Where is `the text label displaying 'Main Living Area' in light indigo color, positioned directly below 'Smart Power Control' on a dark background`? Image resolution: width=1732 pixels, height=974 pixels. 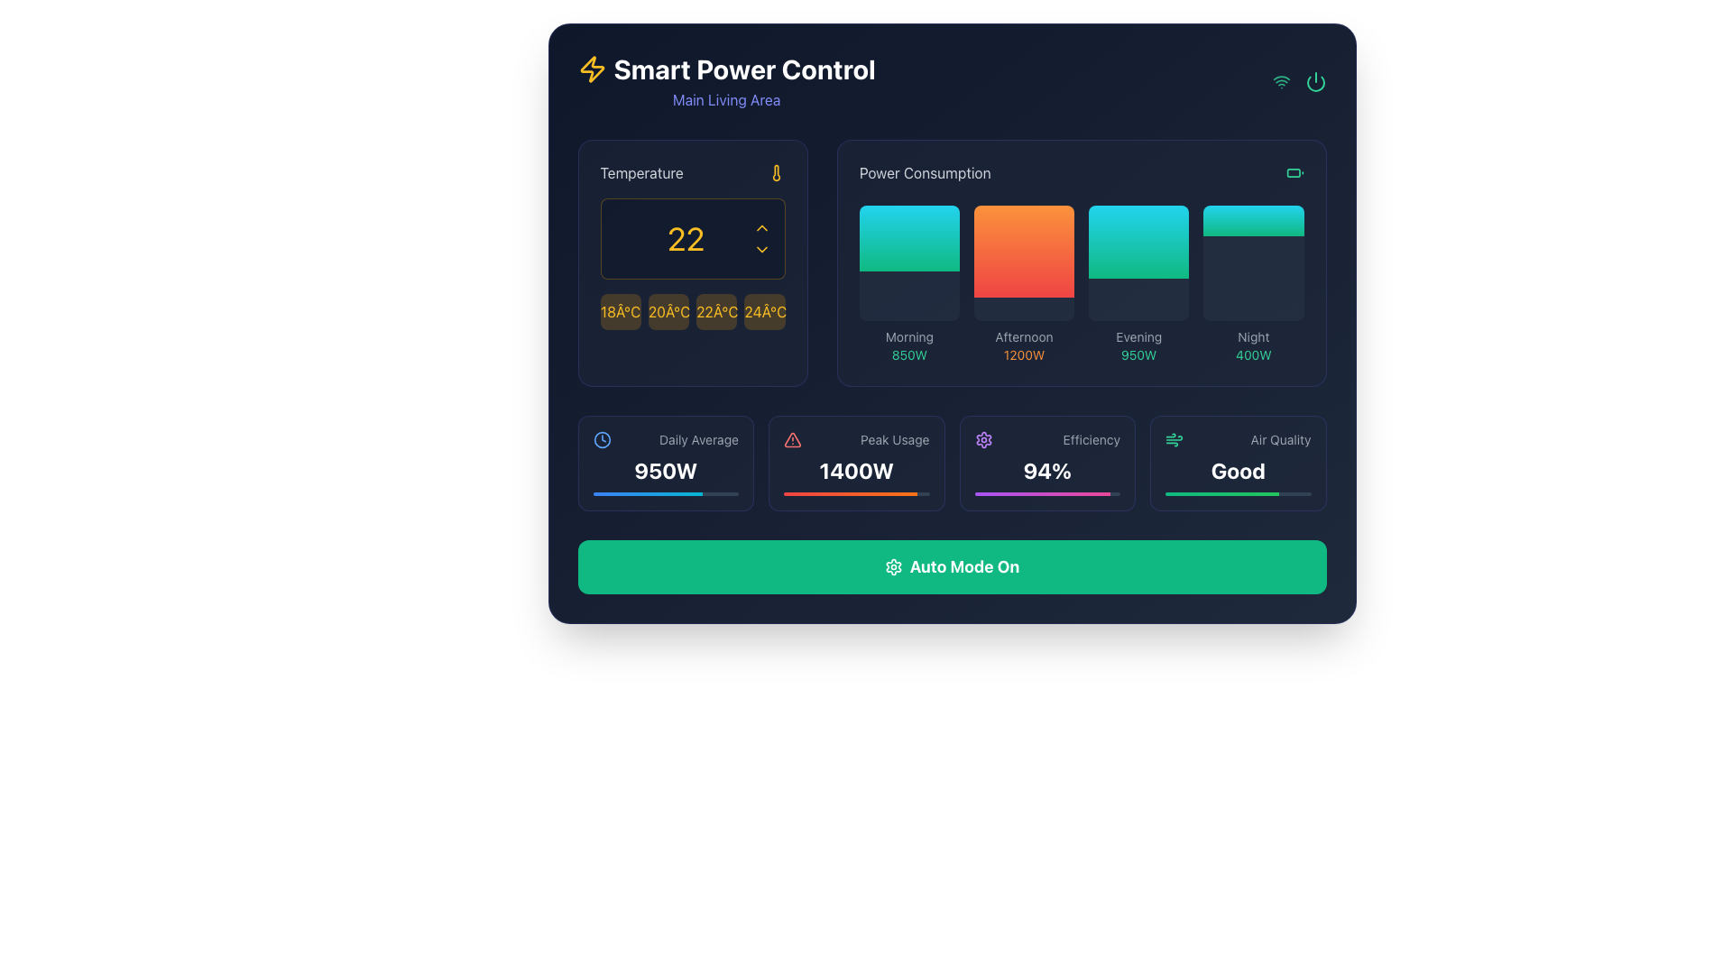 the text label displaying 'Main Living Area' in light indigo color, positioned directly below 'Smart Power Control' on a dark background is located at coordinates (726, 100).